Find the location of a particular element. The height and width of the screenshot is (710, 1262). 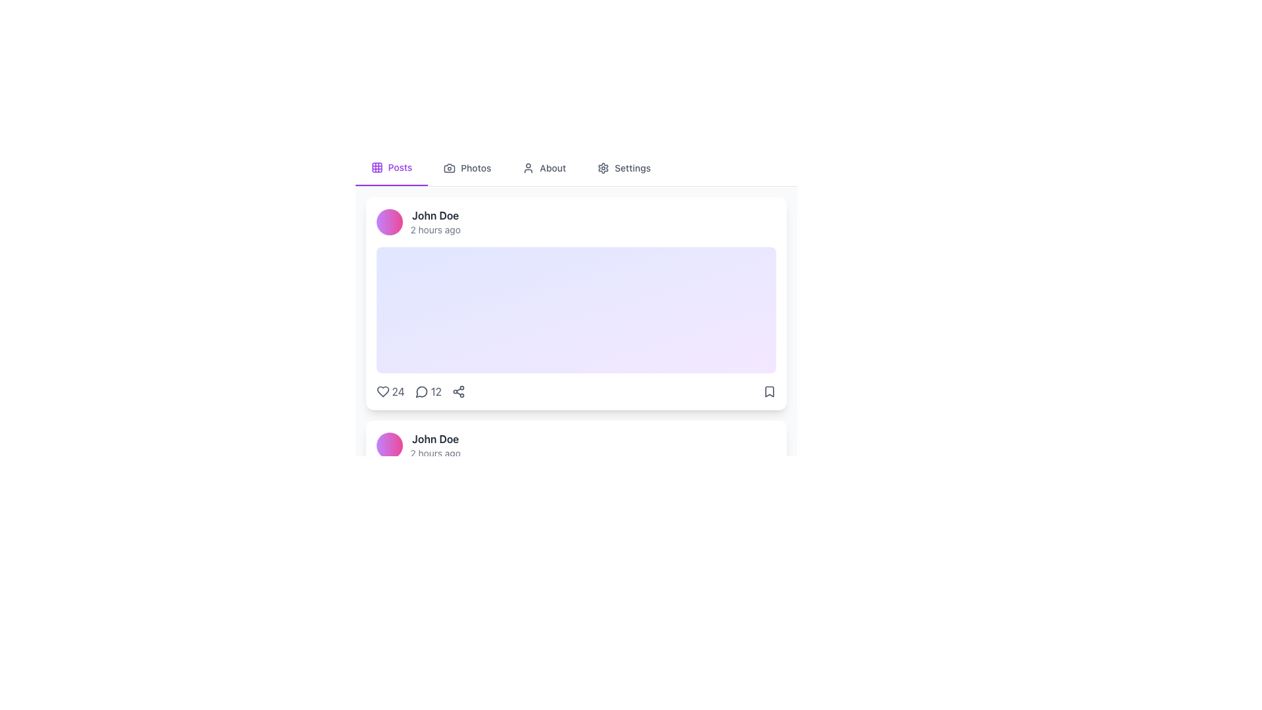

the text label displaying the user's name, which is positioned in the upper-left corner of the user information block, above the timestamp is located at coordinates (435, 438).